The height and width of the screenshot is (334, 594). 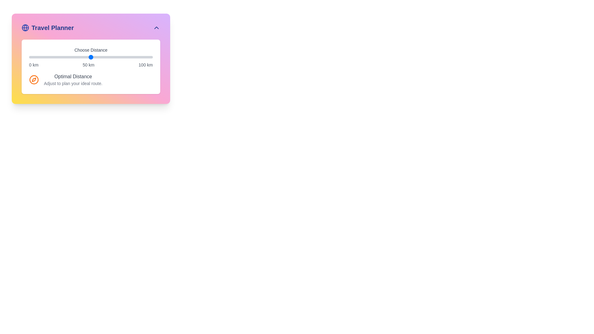 What do you see at coordinates (34, 79) in the screenshot?
I see `the circular icon with a compass design in orange, located in the top-left part of the 'Optimal Distance' subsection of the 'Travel Planner' card` at bounding box center [34, 79].